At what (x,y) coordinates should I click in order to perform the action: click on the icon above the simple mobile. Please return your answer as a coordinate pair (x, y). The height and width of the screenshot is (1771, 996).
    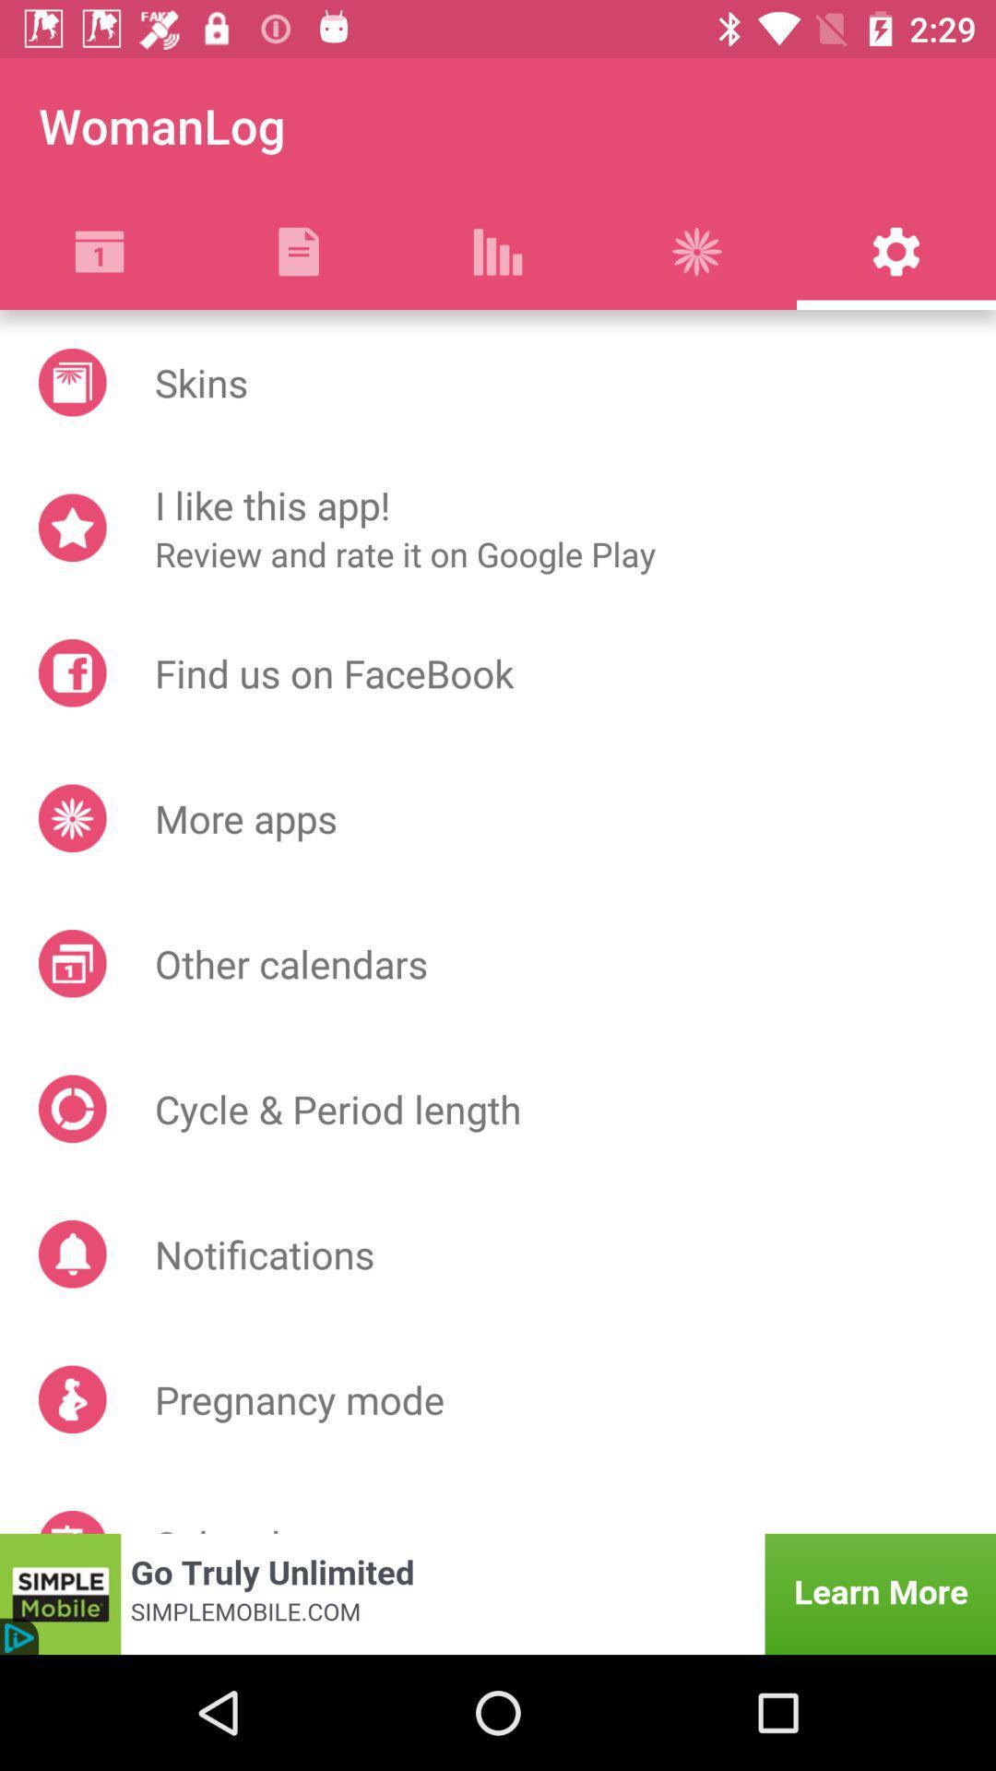
    Looking at the image, I should click on (71, 1522).